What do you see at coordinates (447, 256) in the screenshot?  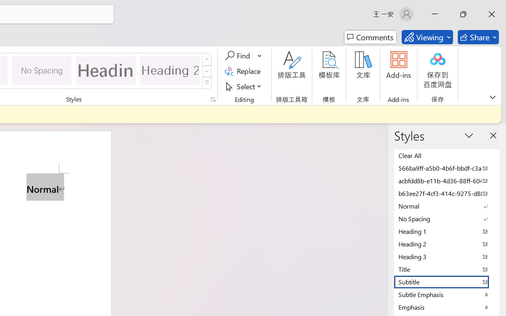 I see `'Heading 3'` at bounding box center [447, 256].